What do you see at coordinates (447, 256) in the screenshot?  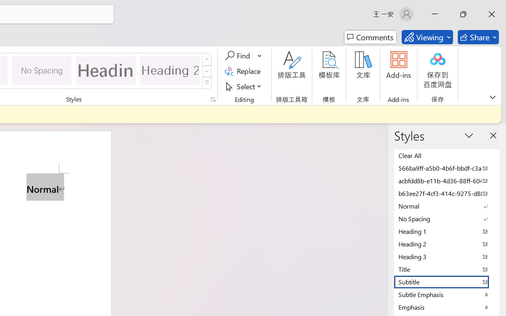 I see `'Heading 3'` at bounding box center [447, 256].